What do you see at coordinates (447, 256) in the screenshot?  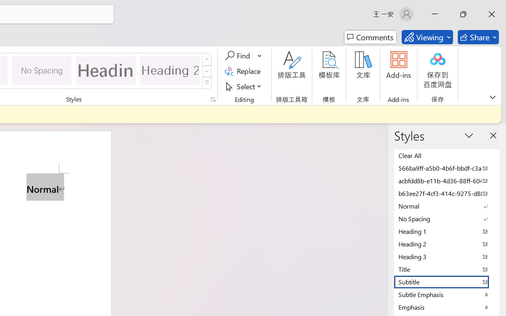 I see `'Heading 3'` at bounding box center [447, 256].